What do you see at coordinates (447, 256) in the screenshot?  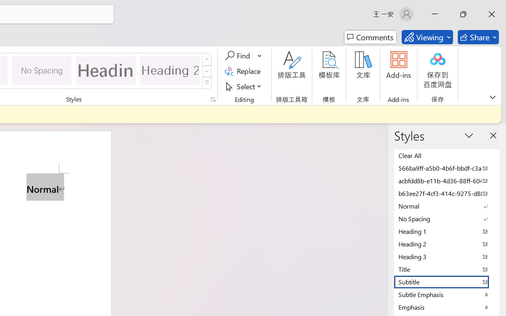 I see `'Heading 3'` at bounding box center [447, 256].